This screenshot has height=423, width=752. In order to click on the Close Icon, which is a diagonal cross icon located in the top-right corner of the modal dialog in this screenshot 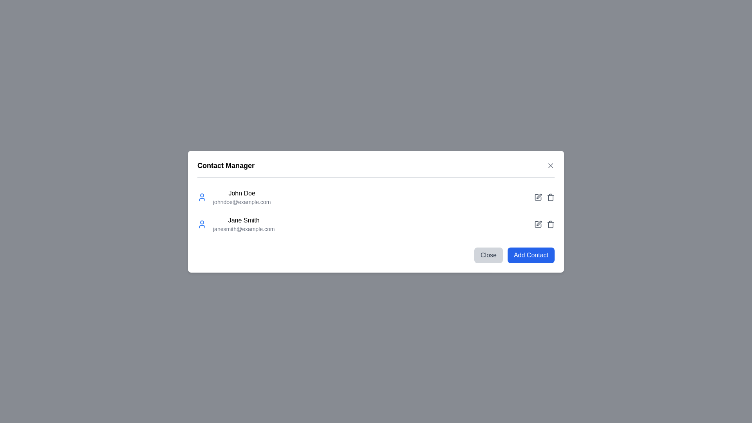, I will do `click(550, 165)`.